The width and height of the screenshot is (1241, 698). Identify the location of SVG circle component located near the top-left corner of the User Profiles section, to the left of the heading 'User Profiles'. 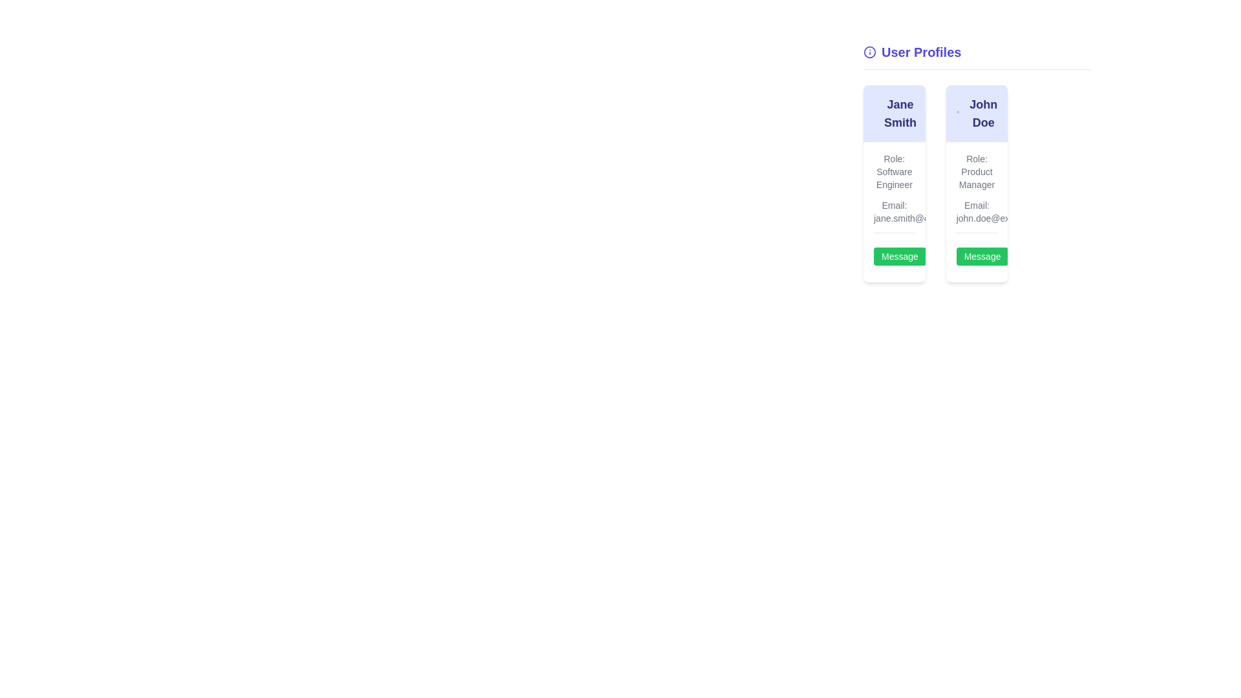
(869, 52).